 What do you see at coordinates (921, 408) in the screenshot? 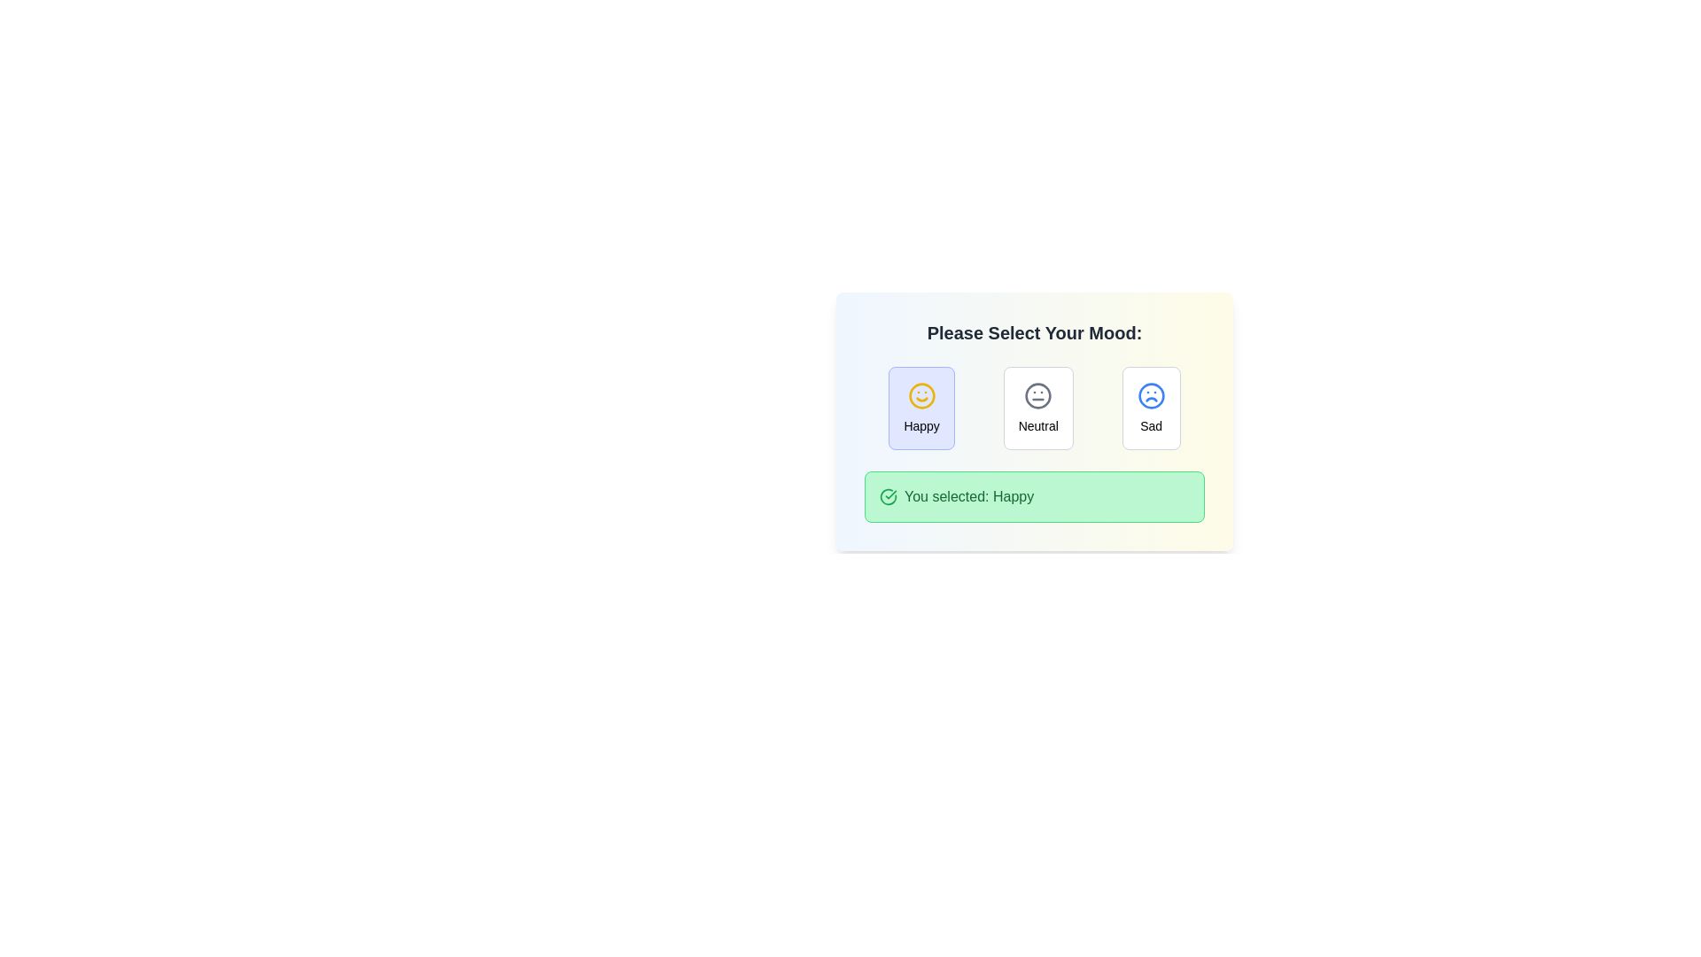
I see `the leftmost selectable option which consists of a yellow smiley face icon above the text 'Happy'` at bounding box center [921, 408].